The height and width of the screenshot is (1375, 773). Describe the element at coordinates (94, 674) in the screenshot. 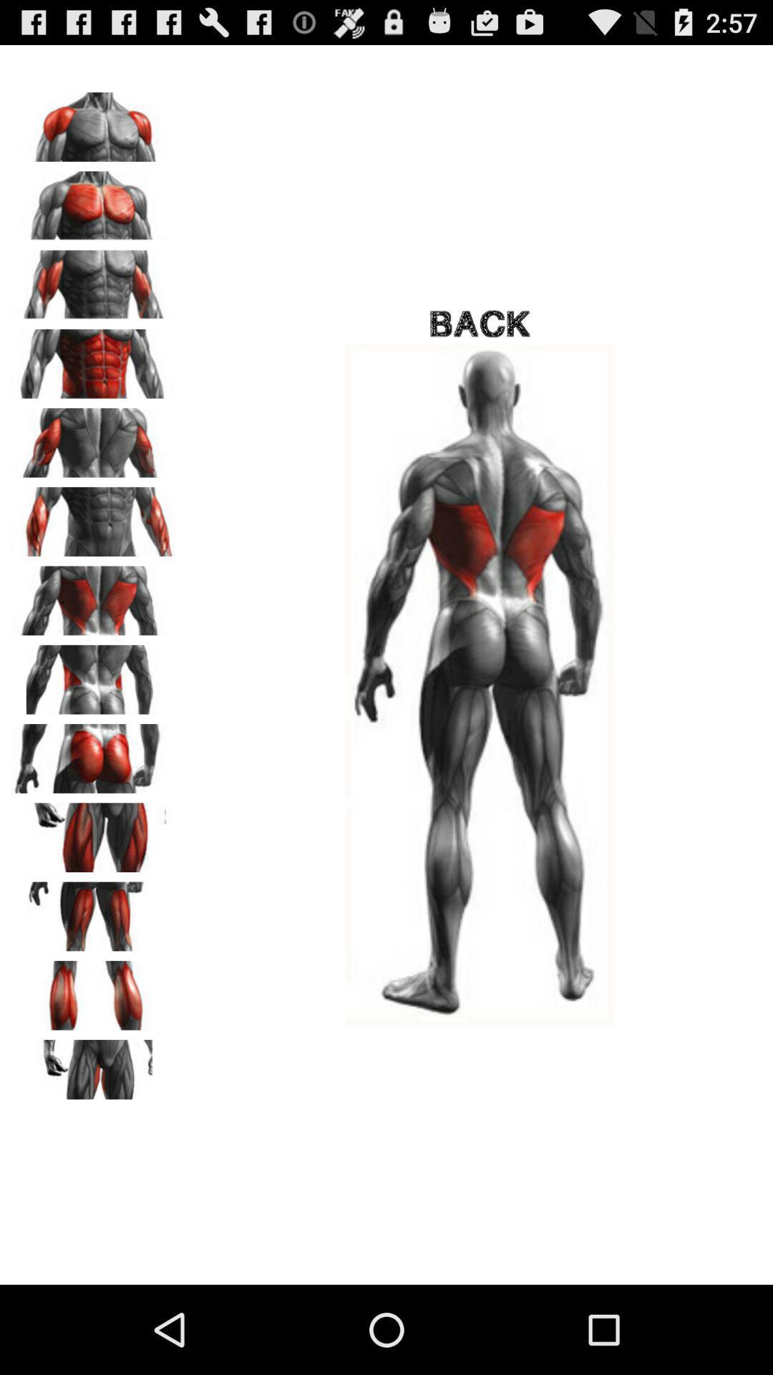

I see `image` at that location.